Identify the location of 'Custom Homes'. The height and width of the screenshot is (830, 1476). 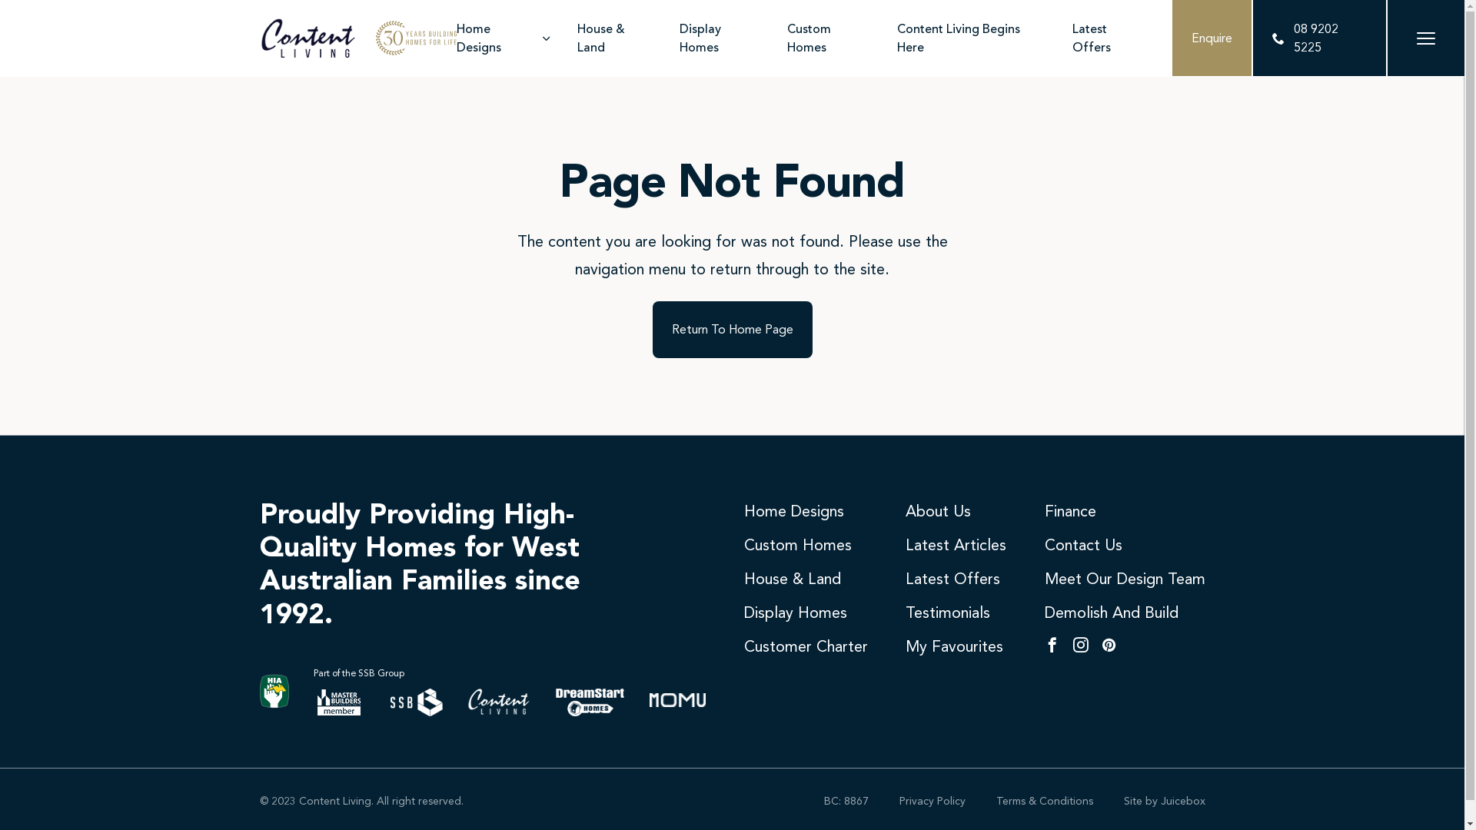
(744, 544).